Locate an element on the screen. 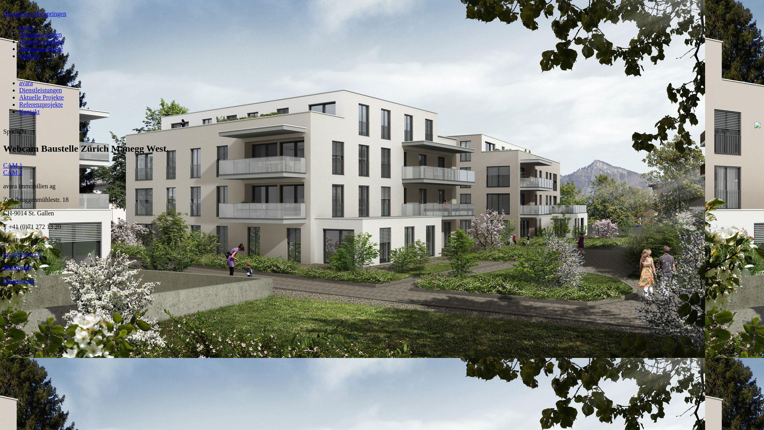  'CAM 2' is located at coordinates (13, 172).